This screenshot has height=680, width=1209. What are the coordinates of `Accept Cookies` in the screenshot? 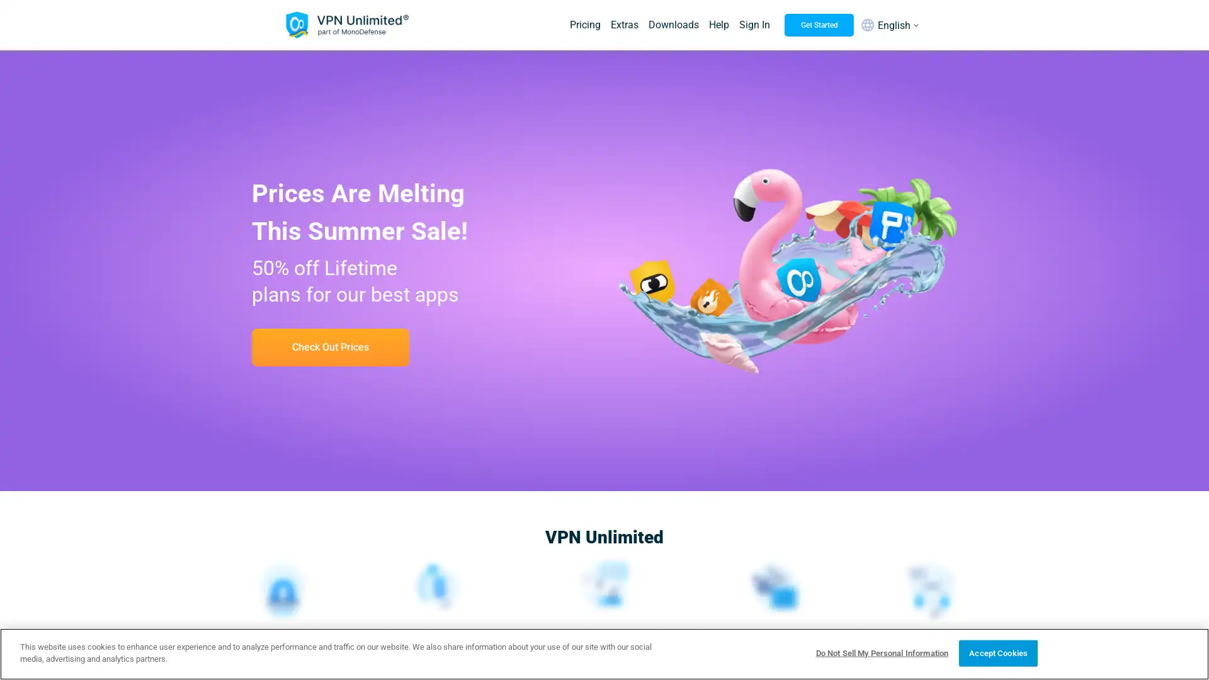 It's located at (997, 652).